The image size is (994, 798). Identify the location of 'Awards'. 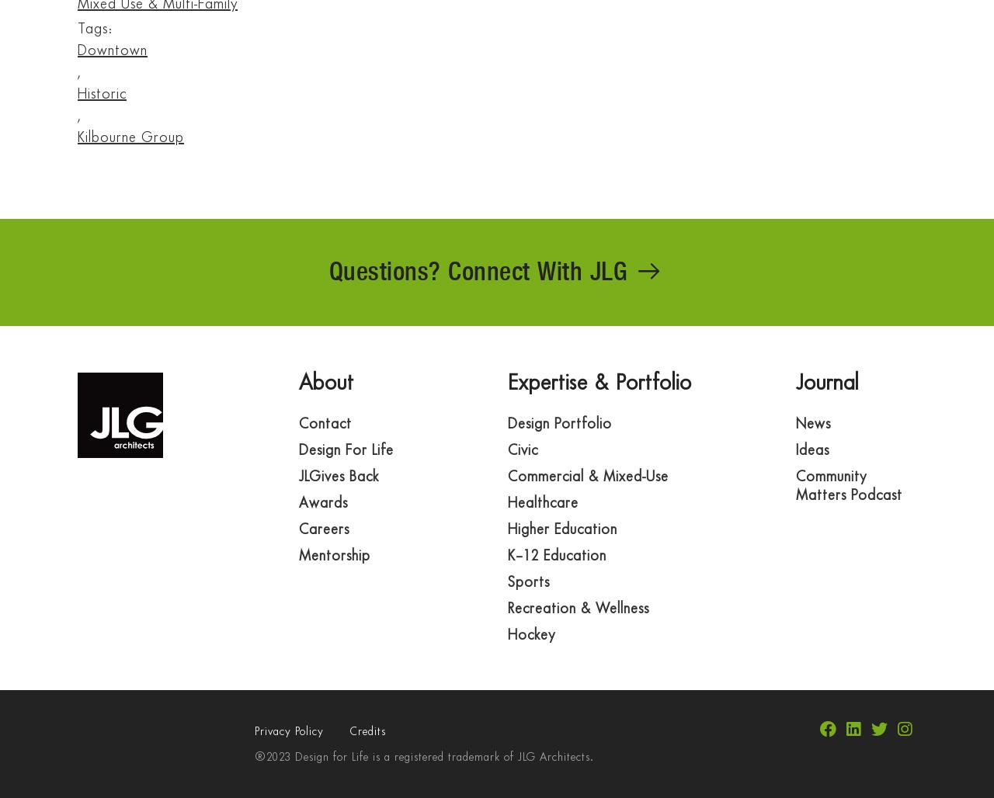
(322, 503).